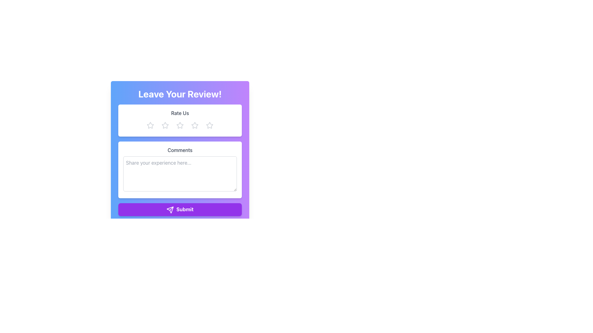  What do you see at coordinates (150, 125) in the screenshot?
I see `the first star icon in the rating component under the 'Rate Us' heading` at bounding box center [150, 125].